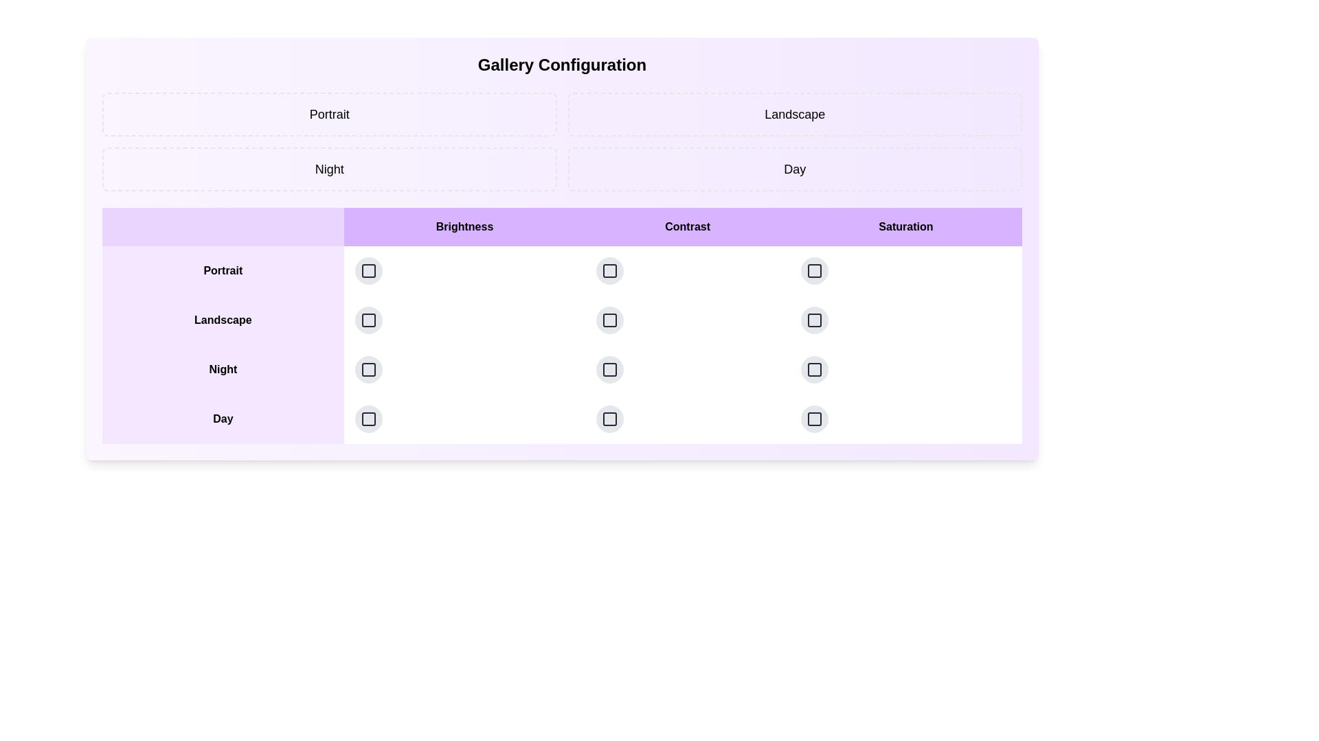 Image resolution: width=1319 pixels, height=741 pixels. Describe the element at coordinates (688, 226) in the screenshot. I see `the 'Contrast' text label, which is the second item in the top row of the tabular layout under 'Gallery Configuration'` at that location.